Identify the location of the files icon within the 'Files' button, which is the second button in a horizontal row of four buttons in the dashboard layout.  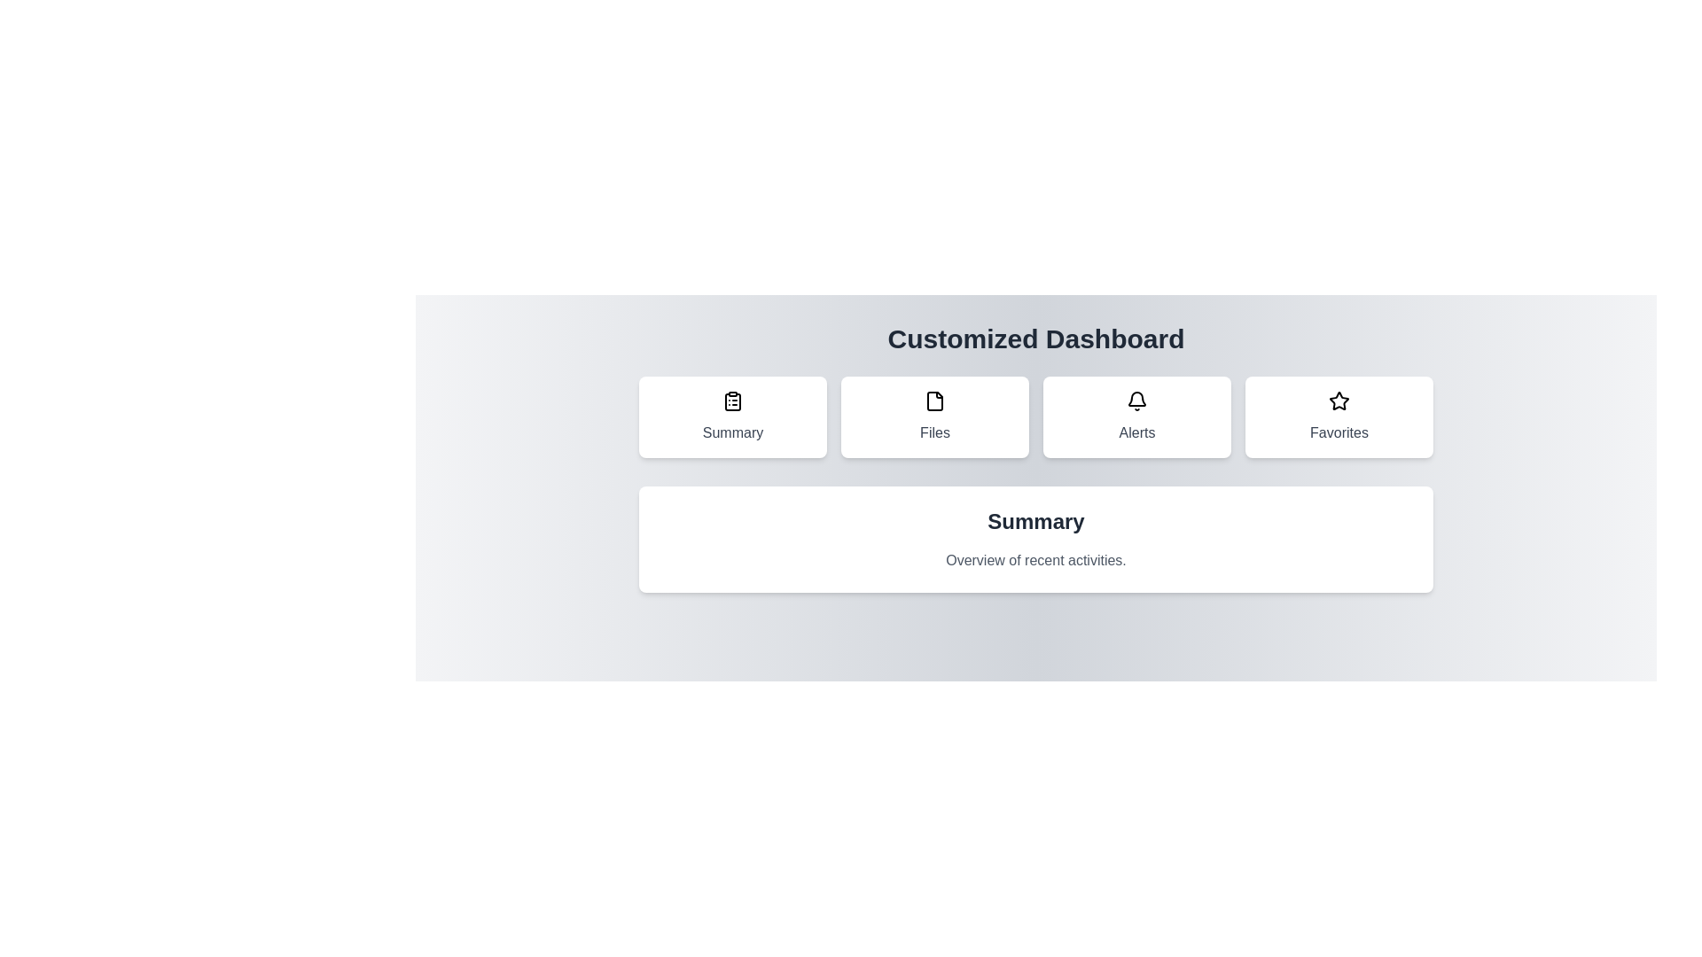
(934, 401).